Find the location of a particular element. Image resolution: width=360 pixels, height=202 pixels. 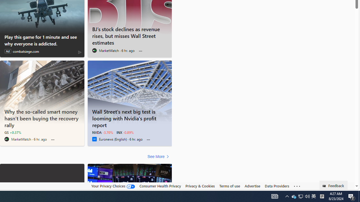

'INX -0.89%' is located at coordinates (125, 132).